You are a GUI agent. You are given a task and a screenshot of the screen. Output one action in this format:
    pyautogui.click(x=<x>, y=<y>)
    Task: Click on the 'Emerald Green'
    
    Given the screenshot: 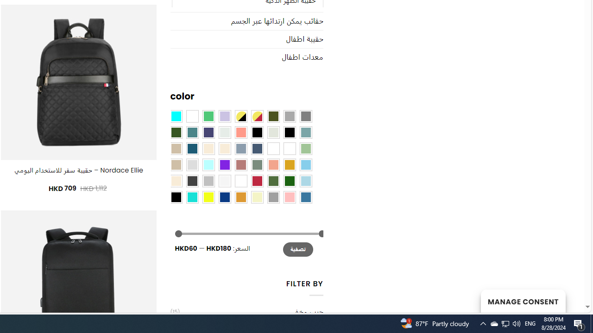 What is the action you would take?
    pyautogui.click(x=208, y=116)
    